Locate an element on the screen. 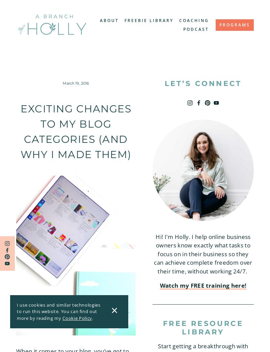  'Programs' is located at coordinates (219, 24).